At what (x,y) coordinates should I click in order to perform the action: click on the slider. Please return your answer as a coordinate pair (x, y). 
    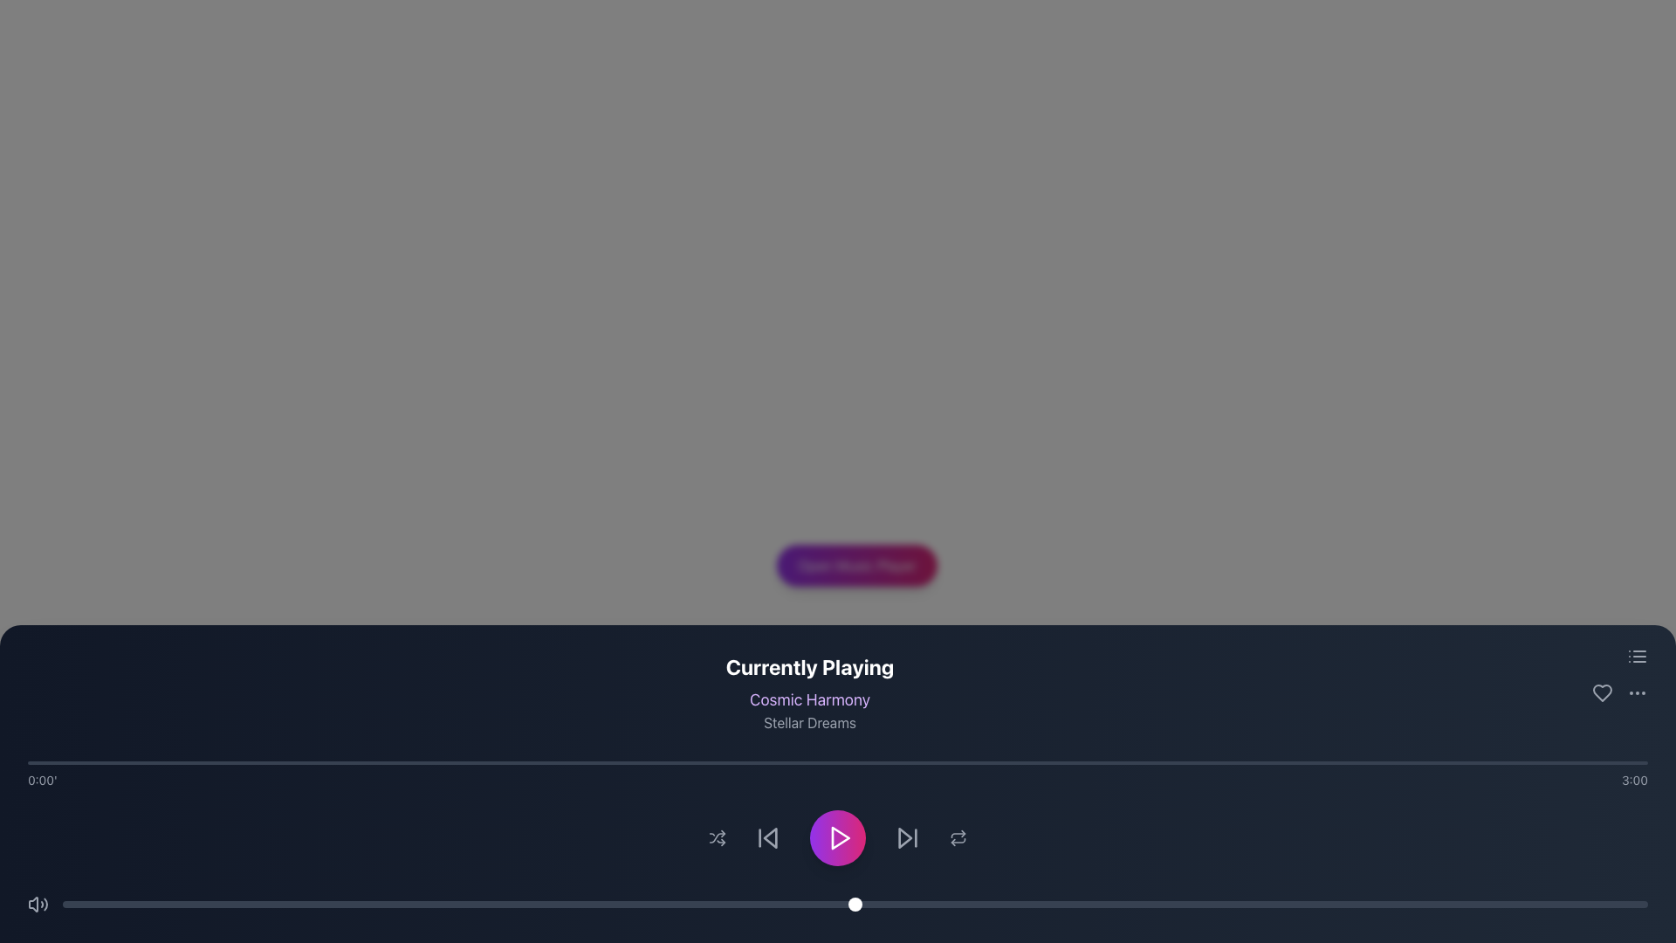
    Looking at the image, I should click on (1488, 904).